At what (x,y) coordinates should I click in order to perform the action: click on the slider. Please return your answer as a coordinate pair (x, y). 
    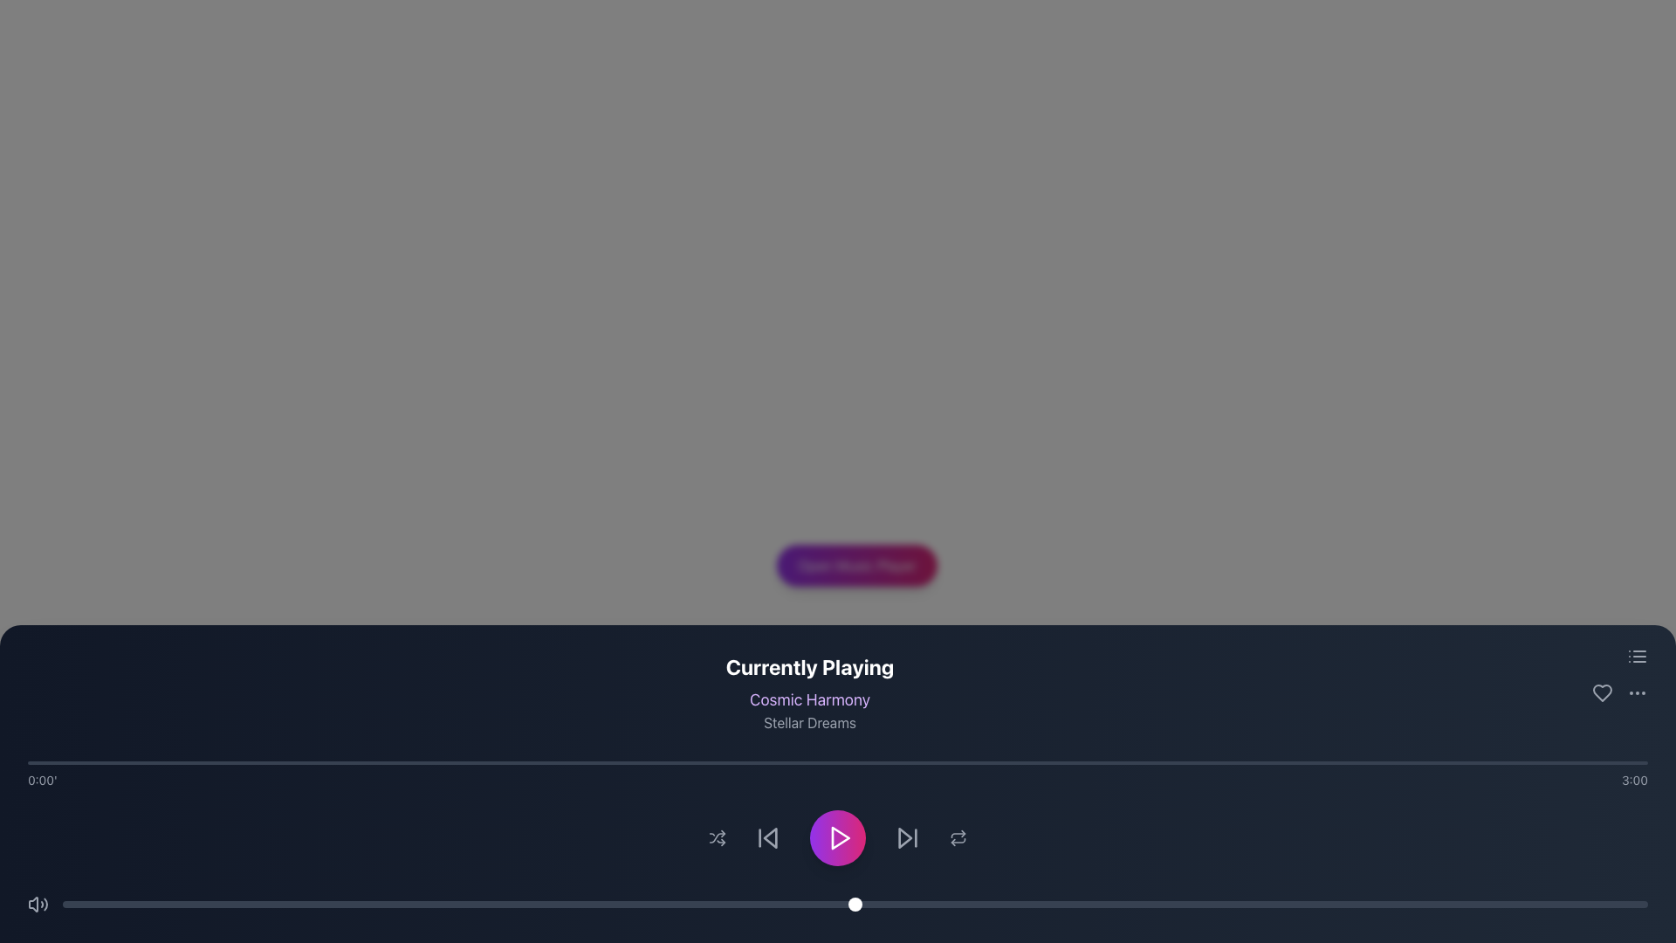
    Looking at the image, I should click on (1488, 904).